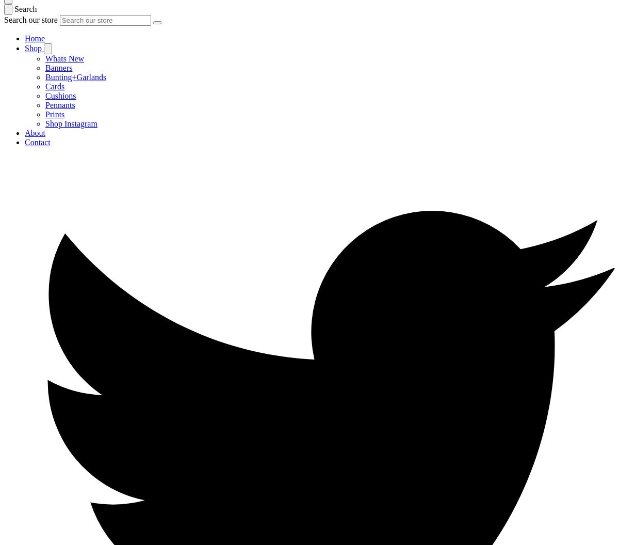  Describe the element at coordinates (76, 77) in the screenshot. I see `'Bunting+Garlands'` at that location.